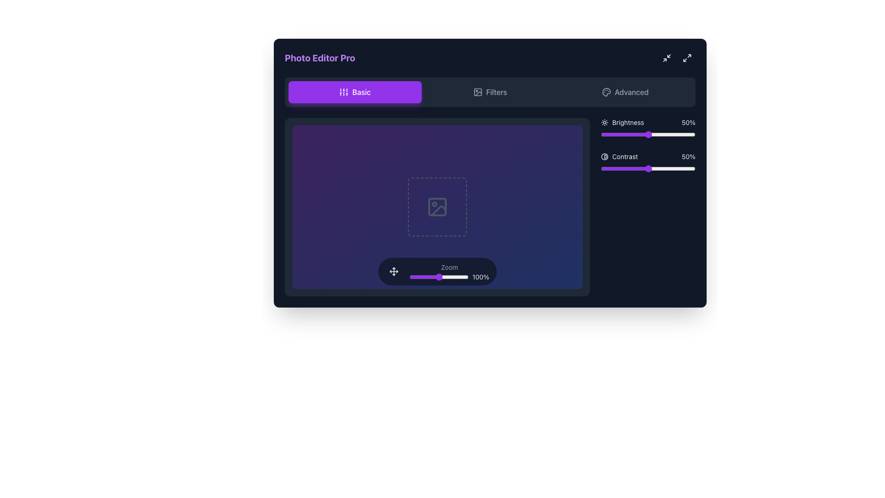 This screenshot has height=498, width=885. What do you see at coordinates (653, 169) in the screenshot?
I see `the slider` at bounding box center [653, 169].